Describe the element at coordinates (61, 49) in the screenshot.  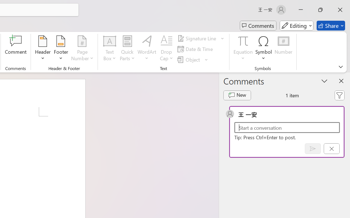
I see `'Footer'` at that location.